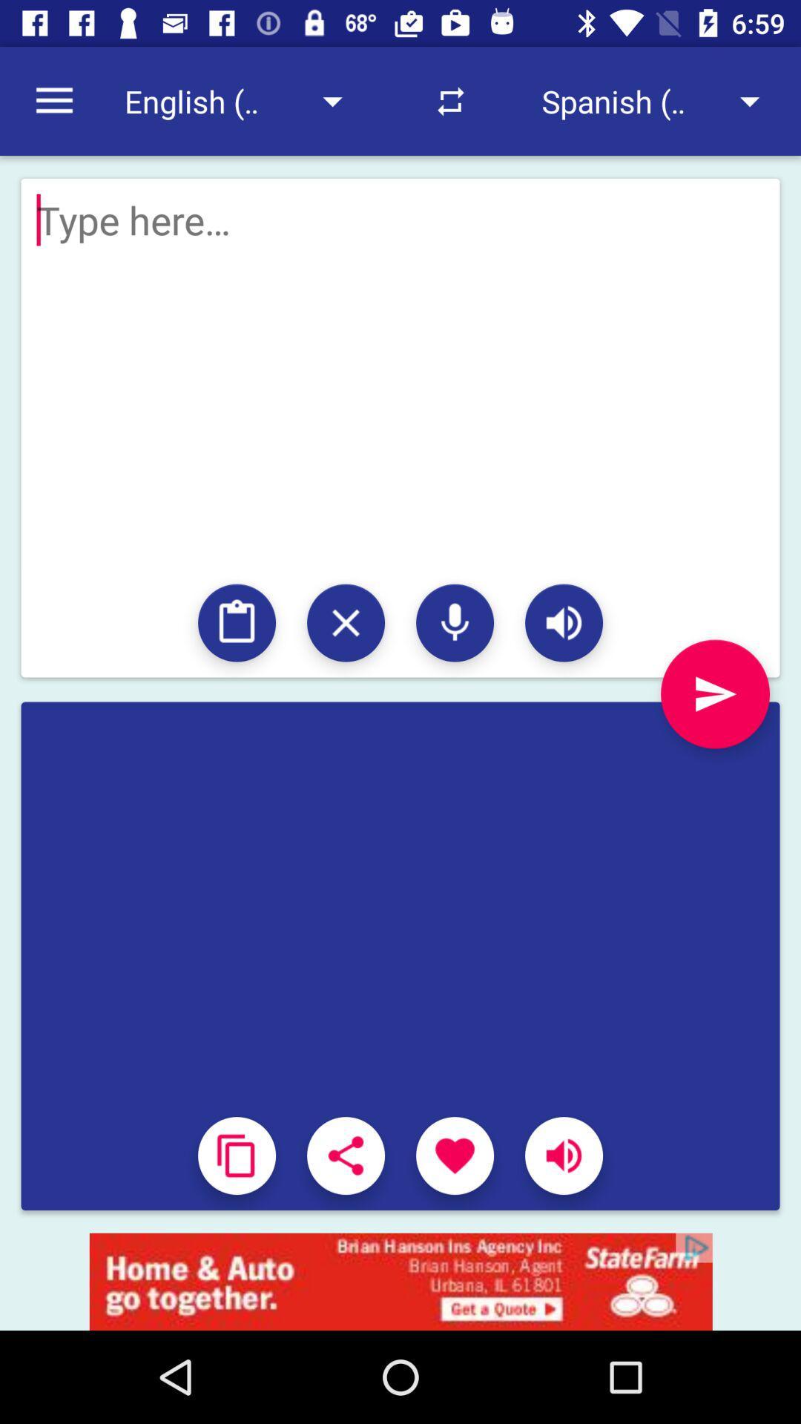  What do you see at coordinates (714, 693) in the screenshot?
I see `to sent button` at bounding box center [714, 693].